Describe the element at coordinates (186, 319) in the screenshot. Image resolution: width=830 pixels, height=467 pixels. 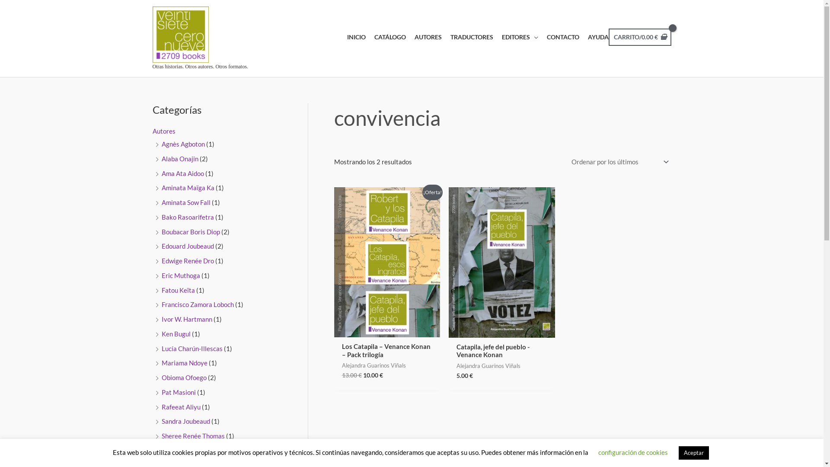
I see `'Ivor W. Hartmann'` at that location.